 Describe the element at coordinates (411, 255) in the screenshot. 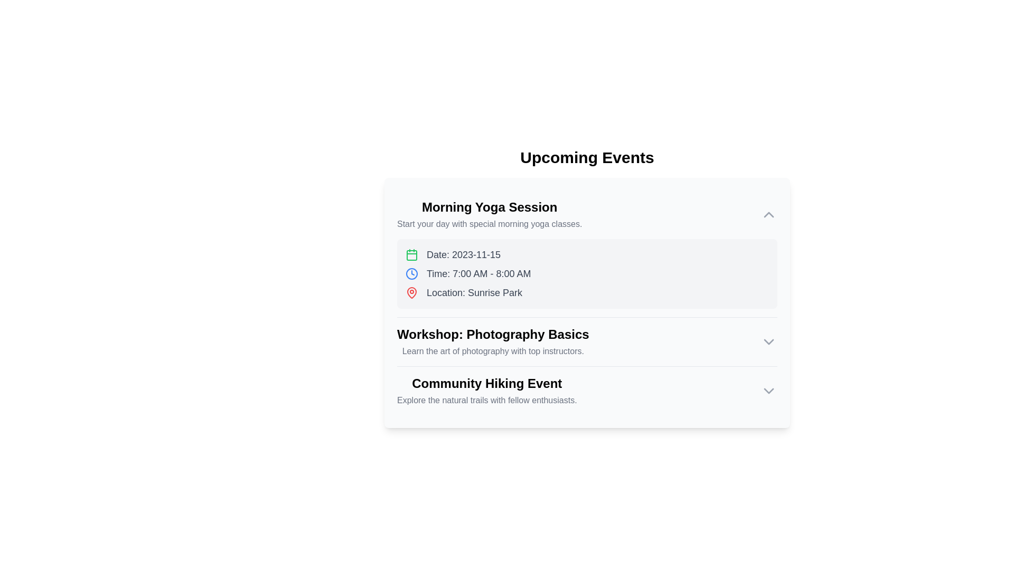

I see `the central rectangular element of the calendar icon located in the 'Morning Yoga Session' section, which is under the 'Date: 2023-11-15' label` at that location.